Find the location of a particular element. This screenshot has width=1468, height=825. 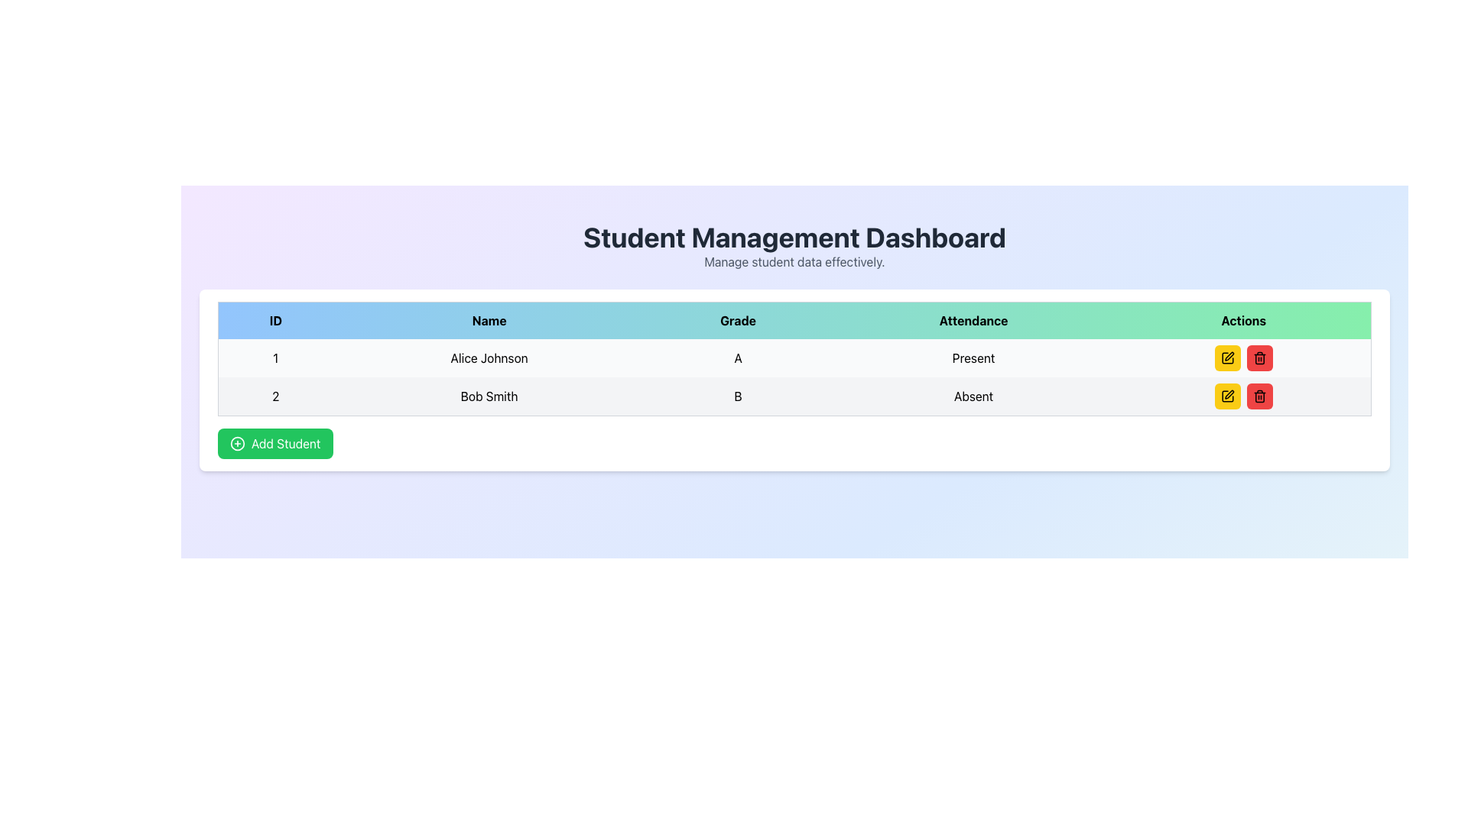

the pen-shaped icon button with a yellow background in the second row of the 'Actions' column to initiate the edit action for 'Bob Smith' is located at coordinates (1229, 393).